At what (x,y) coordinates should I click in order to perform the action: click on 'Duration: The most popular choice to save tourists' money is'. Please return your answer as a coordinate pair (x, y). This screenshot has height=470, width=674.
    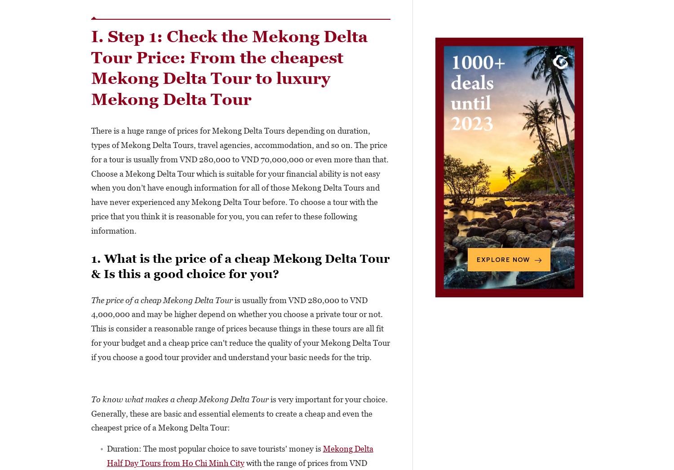
    Looking at the image, I should click on (214, 448).